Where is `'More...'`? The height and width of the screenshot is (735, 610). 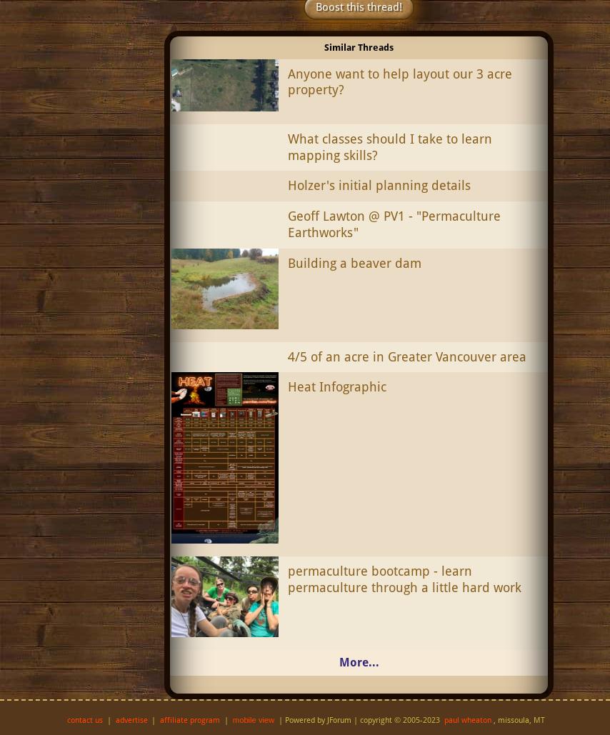 'More...' is located at coordinates (357, 662).